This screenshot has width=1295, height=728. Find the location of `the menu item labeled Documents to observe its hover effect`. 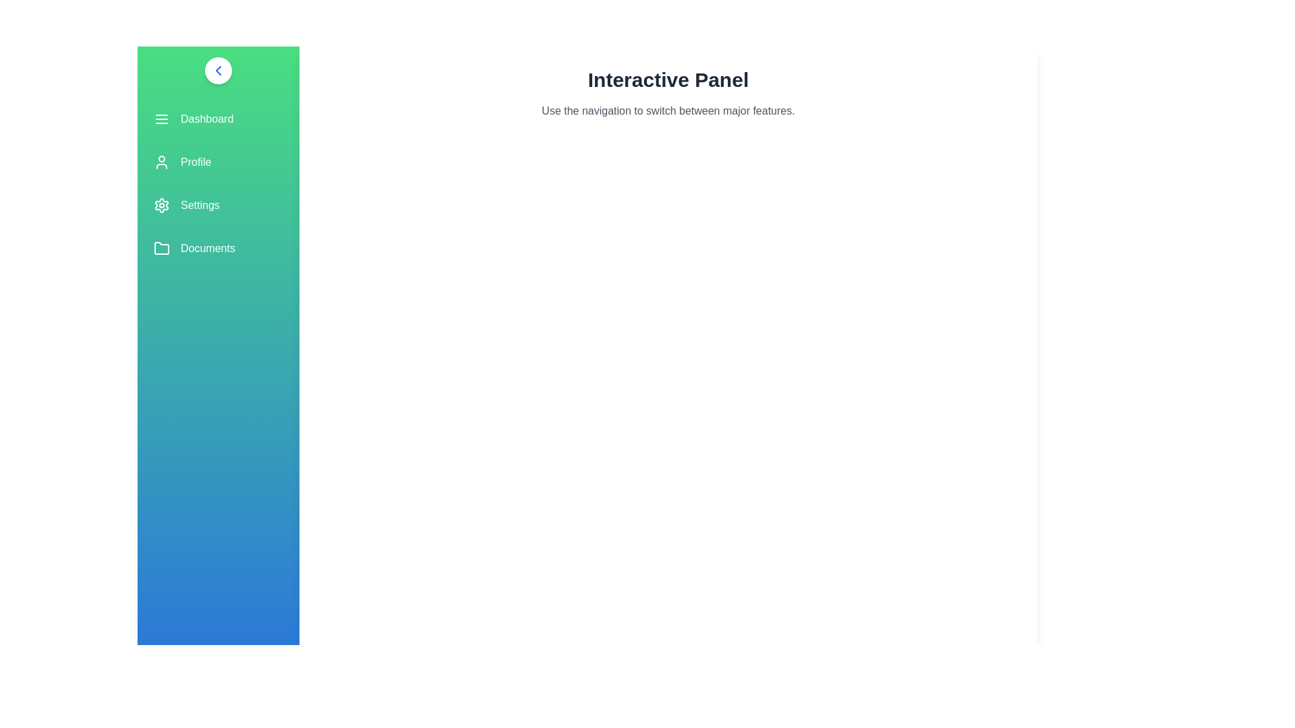

the menu item labeled Documents to observe its hover effect is located at coordinates (219, 249).